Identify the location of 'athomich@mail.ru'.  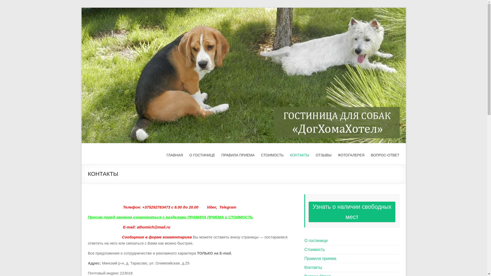
(137, 227).